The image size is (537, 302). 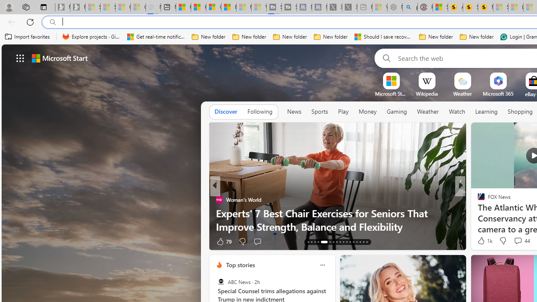 I want to click on 'ABC News', so click(x=221, y=282).